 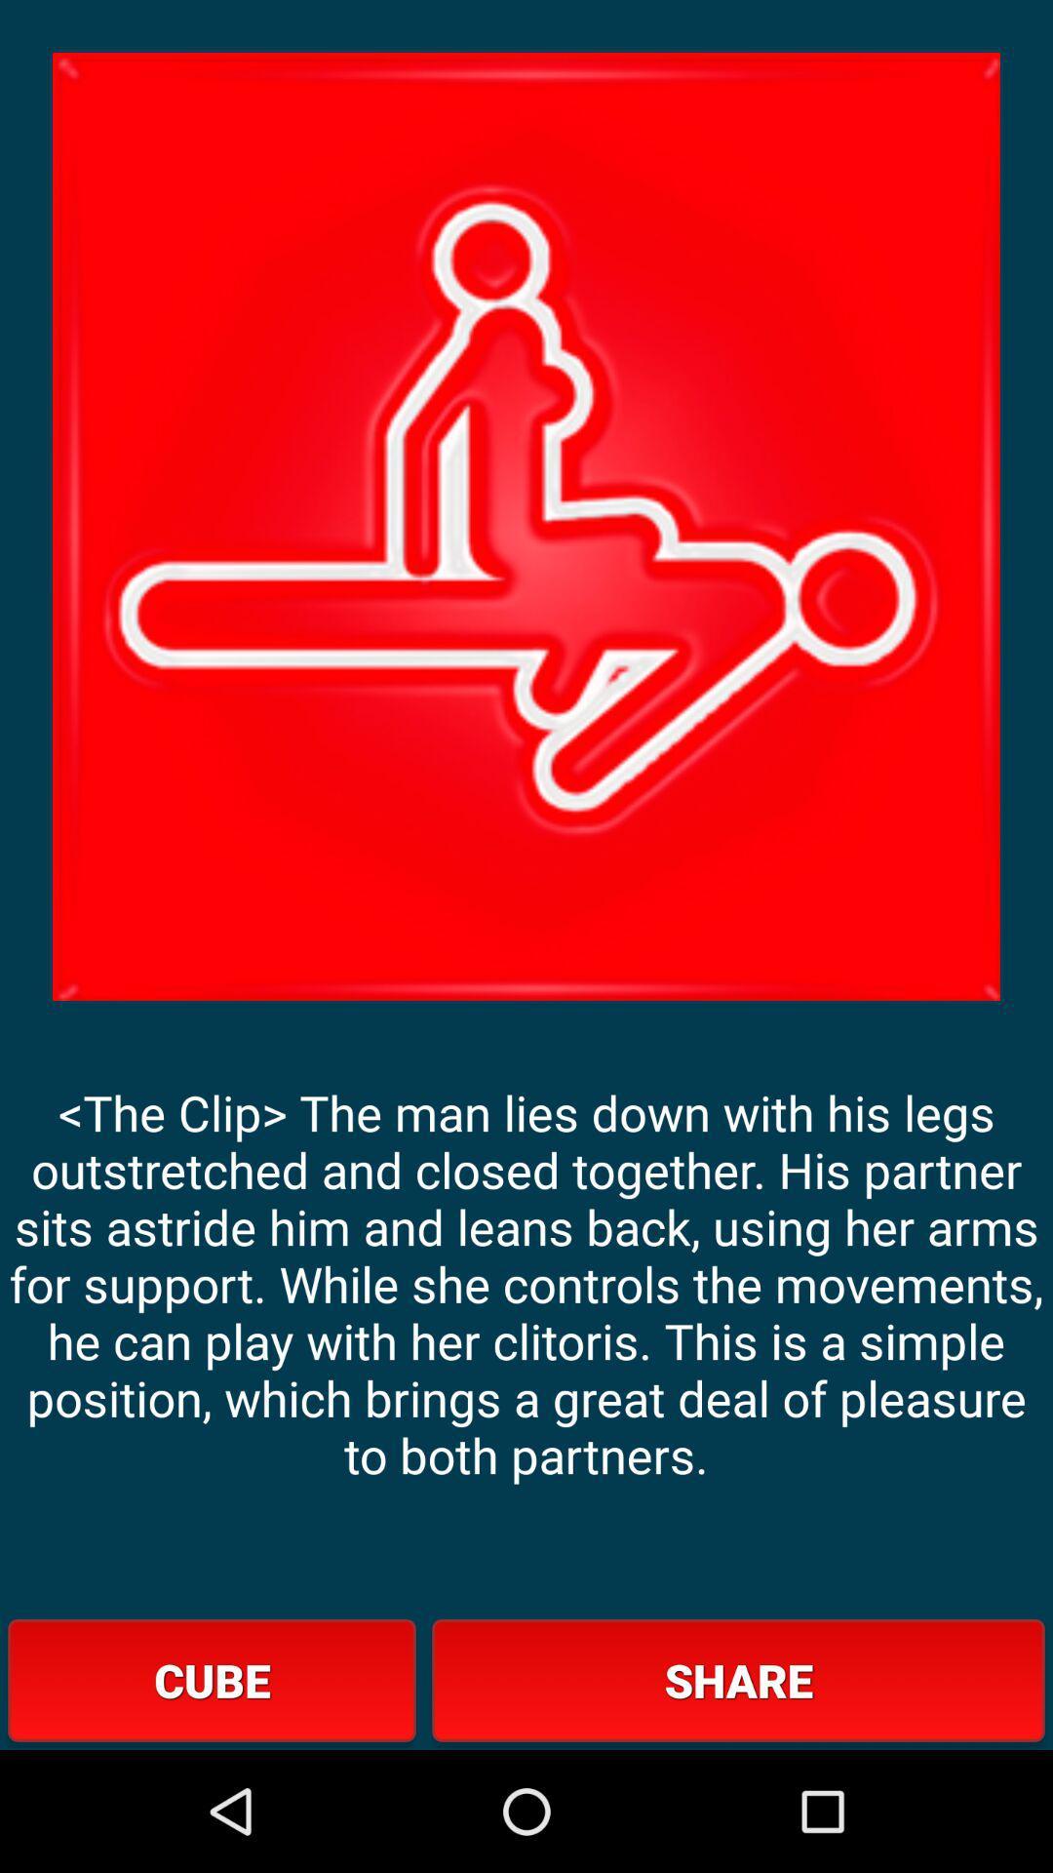 I want to click on button to the left of share button, so click(x=212, y=1679).